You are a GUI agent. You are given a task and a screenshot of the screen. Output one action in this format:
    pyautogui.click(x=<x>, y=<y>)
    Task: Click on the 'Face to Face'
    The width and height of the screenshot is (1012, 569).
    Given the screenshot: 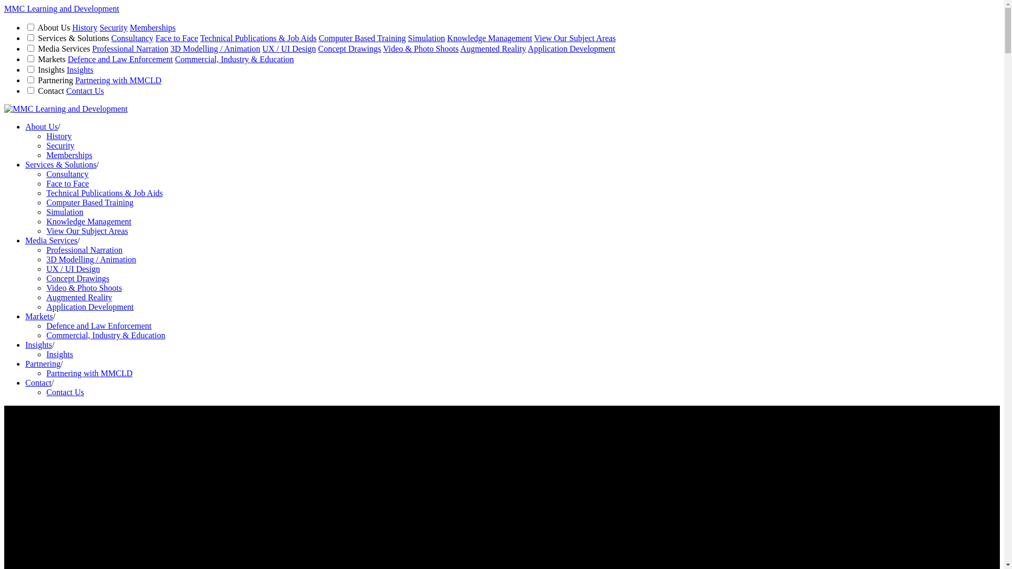 What is the action you would take?
    pyautogui.click(x=154, y=37)
    